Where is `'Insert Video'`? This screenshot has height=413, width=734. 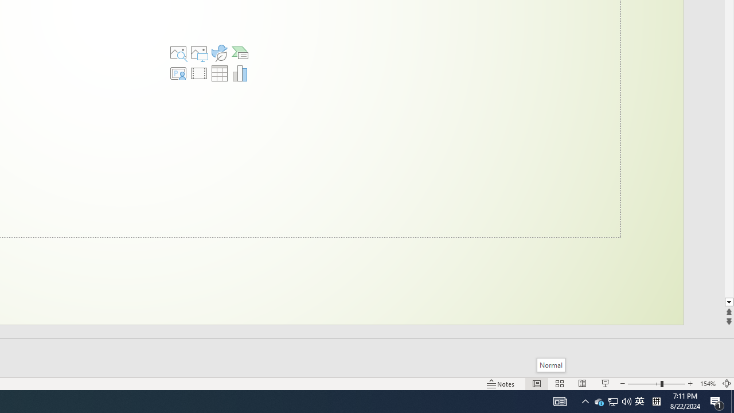
'Insert Video' is located at coordinates (199, 73).